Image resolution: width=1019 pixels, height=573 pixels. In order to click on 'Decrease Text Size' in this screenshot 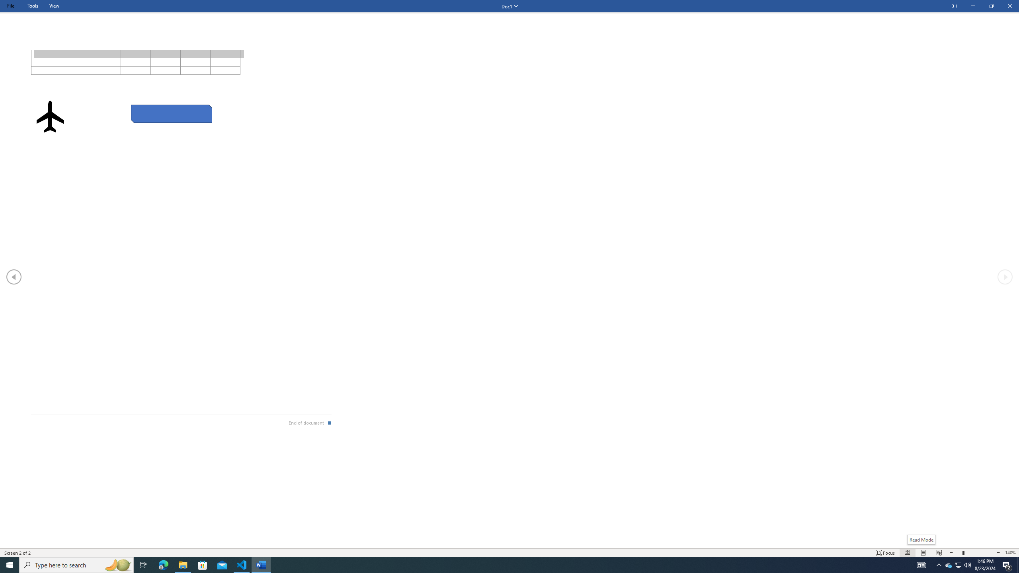, I will do `click(951, 553)`.